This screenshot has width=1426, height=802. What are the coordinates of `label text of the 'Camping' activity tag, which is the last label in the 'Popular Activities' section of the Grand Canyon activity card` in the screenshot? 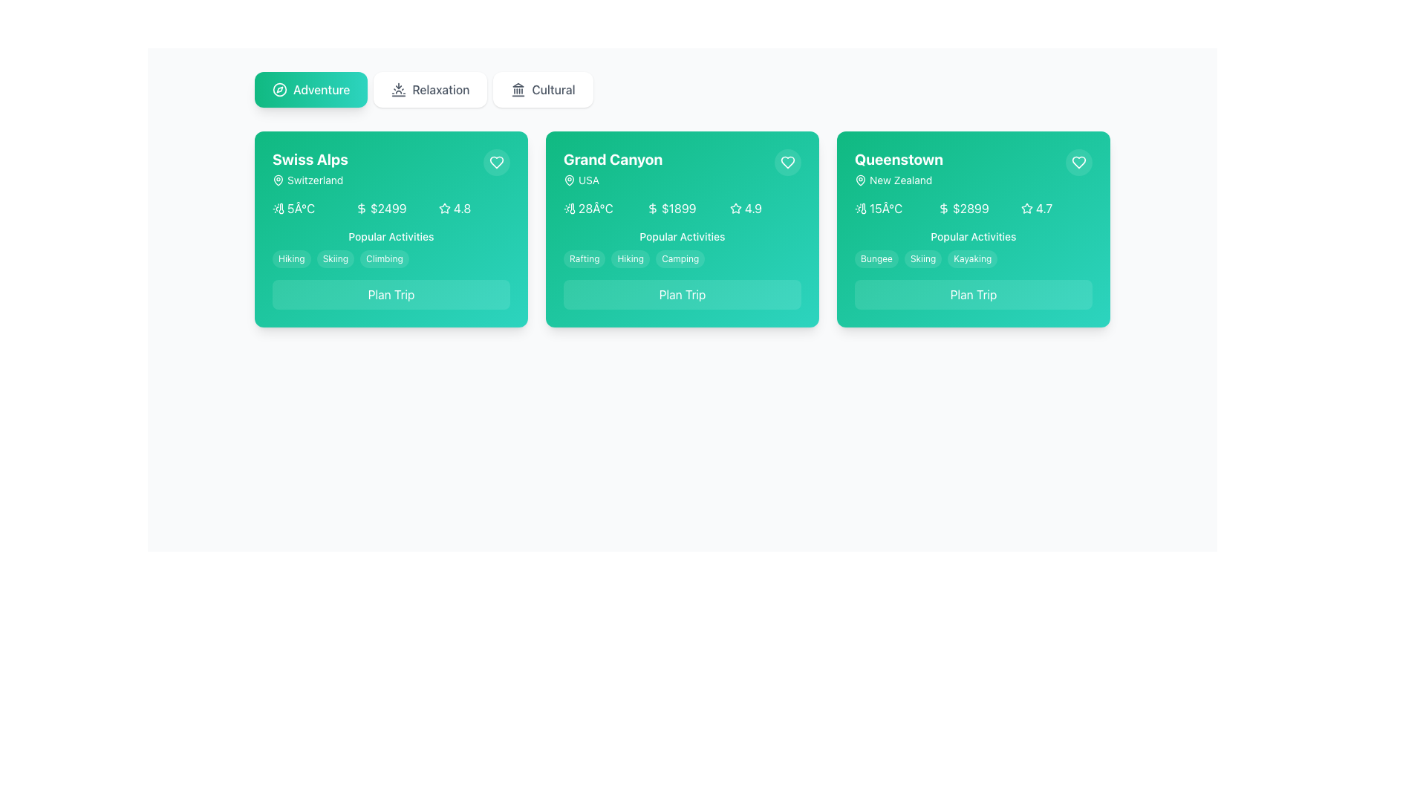 It's located at (680, 258).